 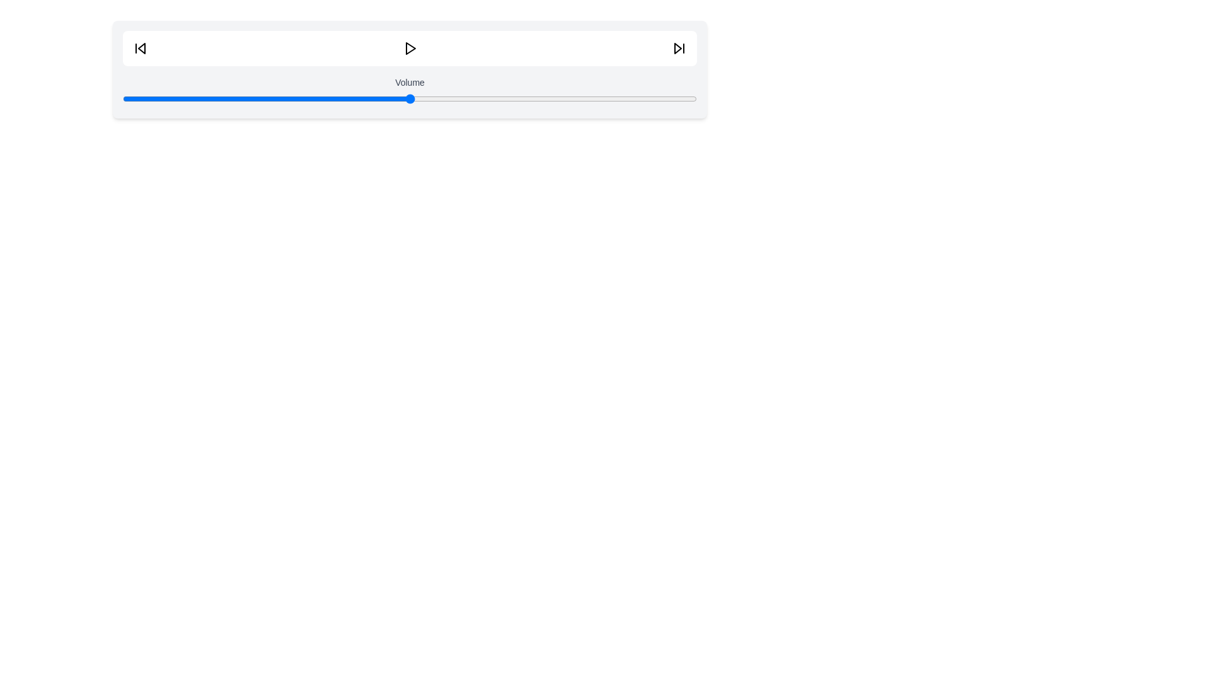 I want to click on the volume level, so click(x=628, y=98).